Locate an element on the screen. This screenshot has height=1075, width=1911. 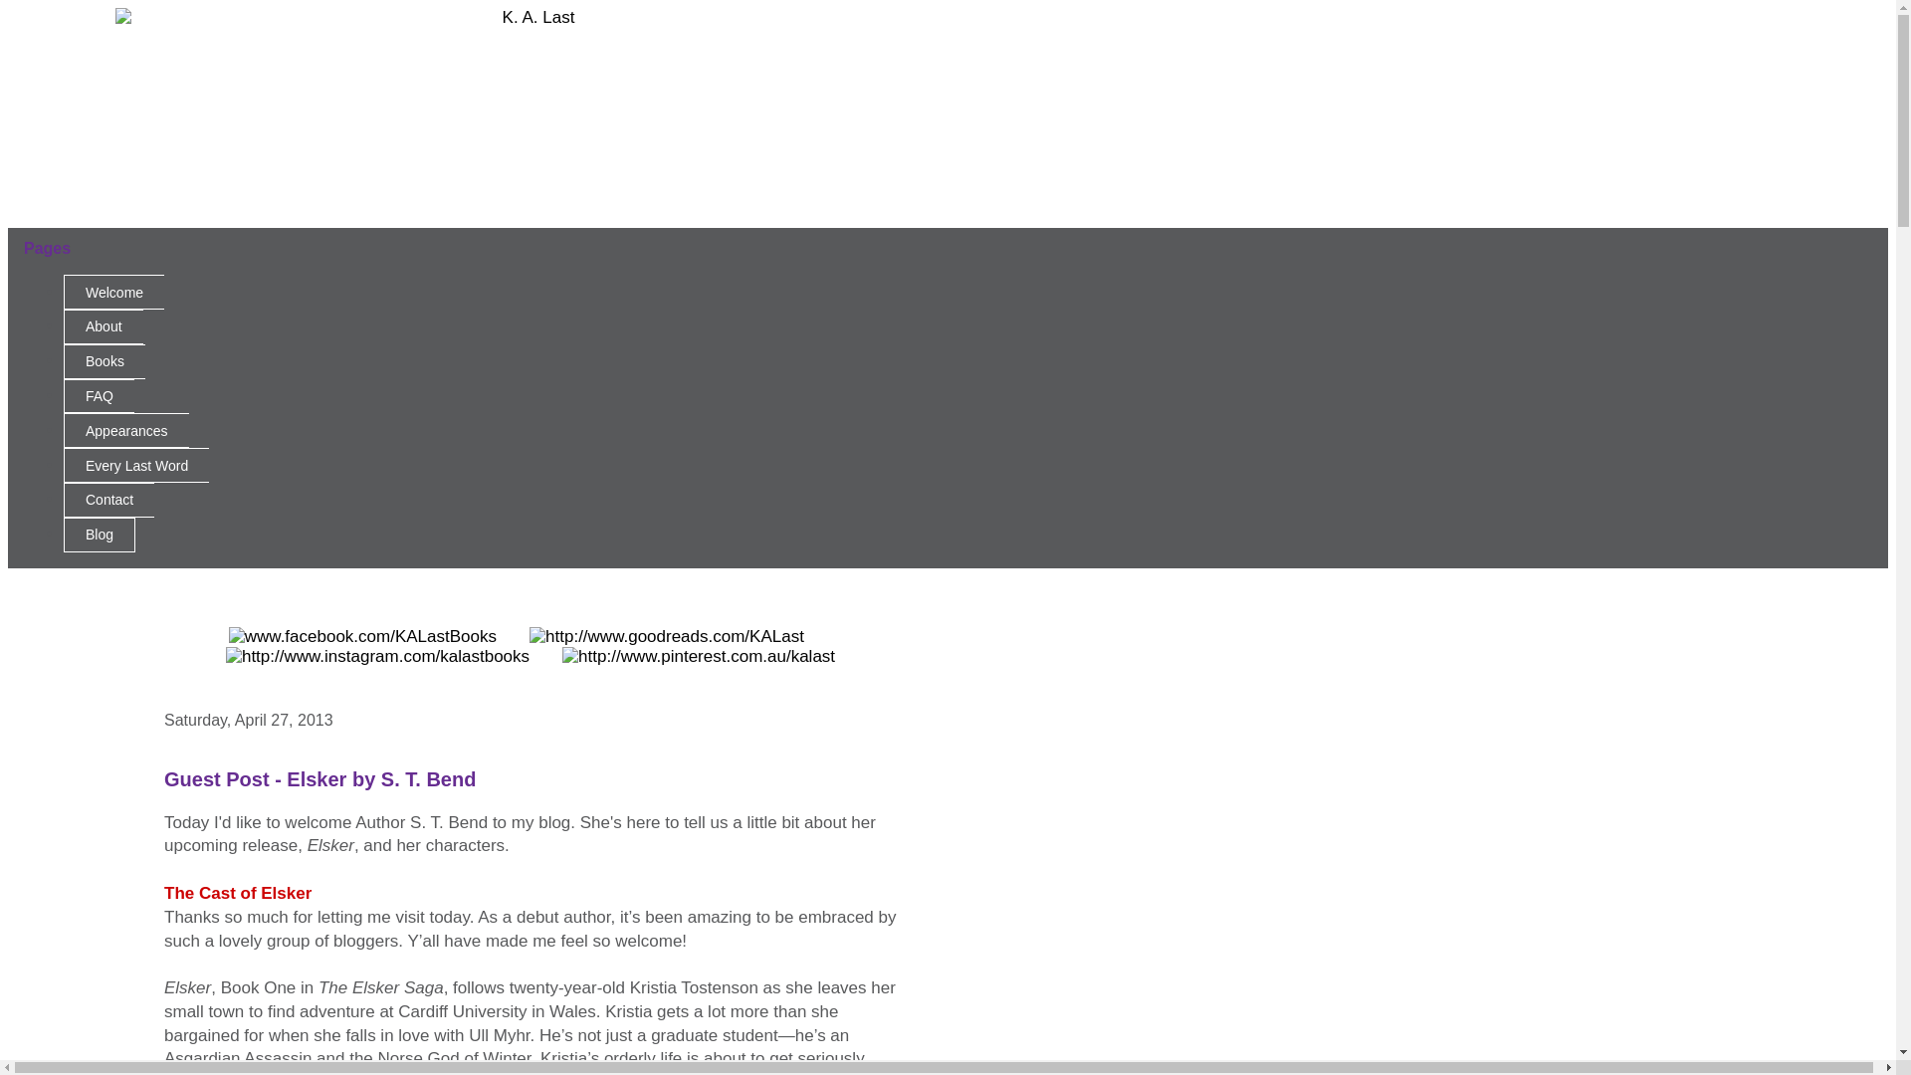
'Blog' is located at coordinates (63, 534).